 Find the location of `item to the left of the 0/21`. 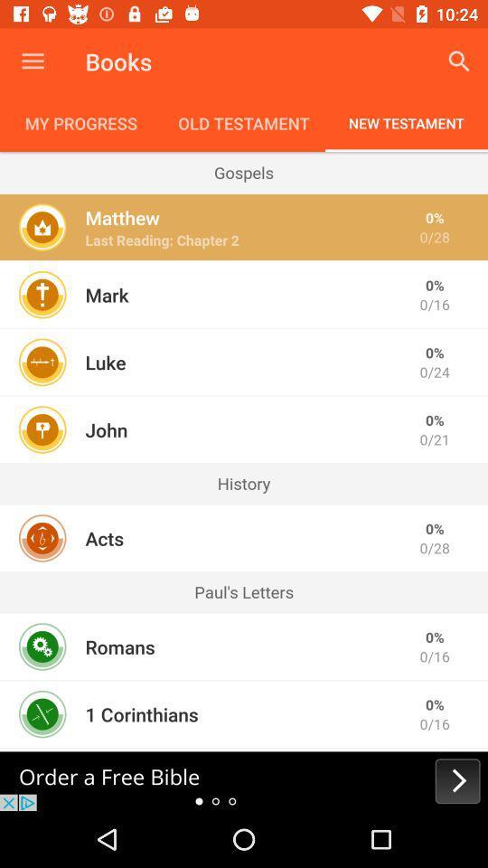

item to the left of the 0/21 is located at coordinates (106, 429).